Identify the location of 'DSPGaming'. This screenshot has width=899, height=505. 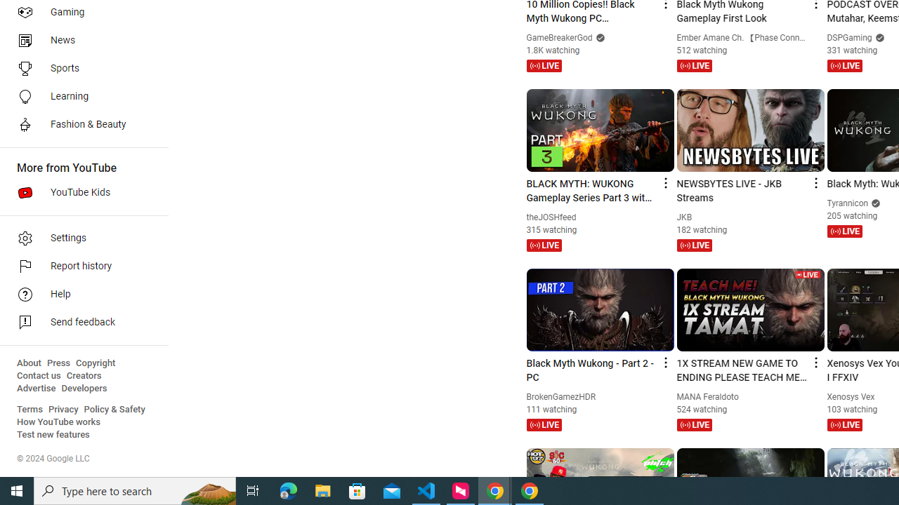
(849, 37).